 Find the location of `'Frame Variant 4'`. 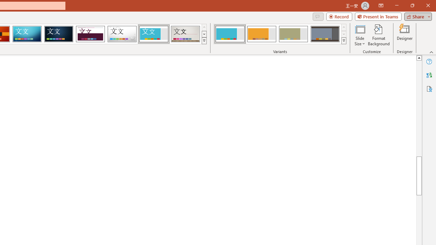

'Frame Variant 4' is located at coordinates (325, 34).